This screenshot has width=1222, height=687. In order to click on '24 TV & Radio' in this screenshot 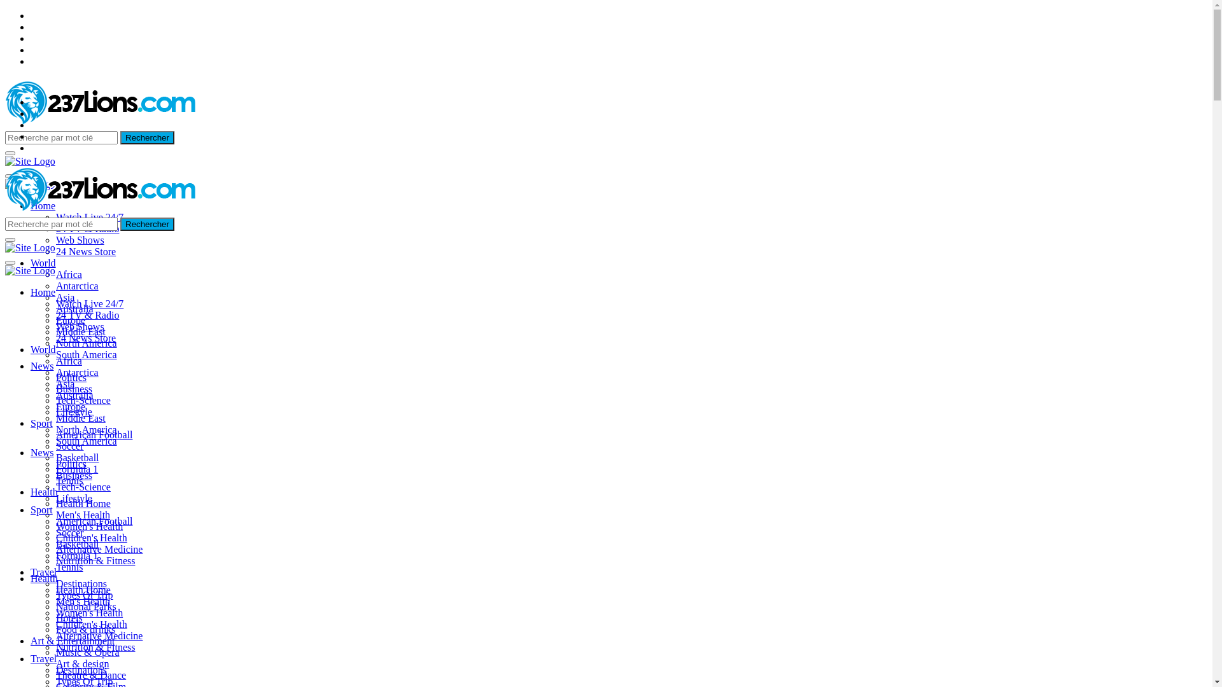, I will do `click(87, 315)`.